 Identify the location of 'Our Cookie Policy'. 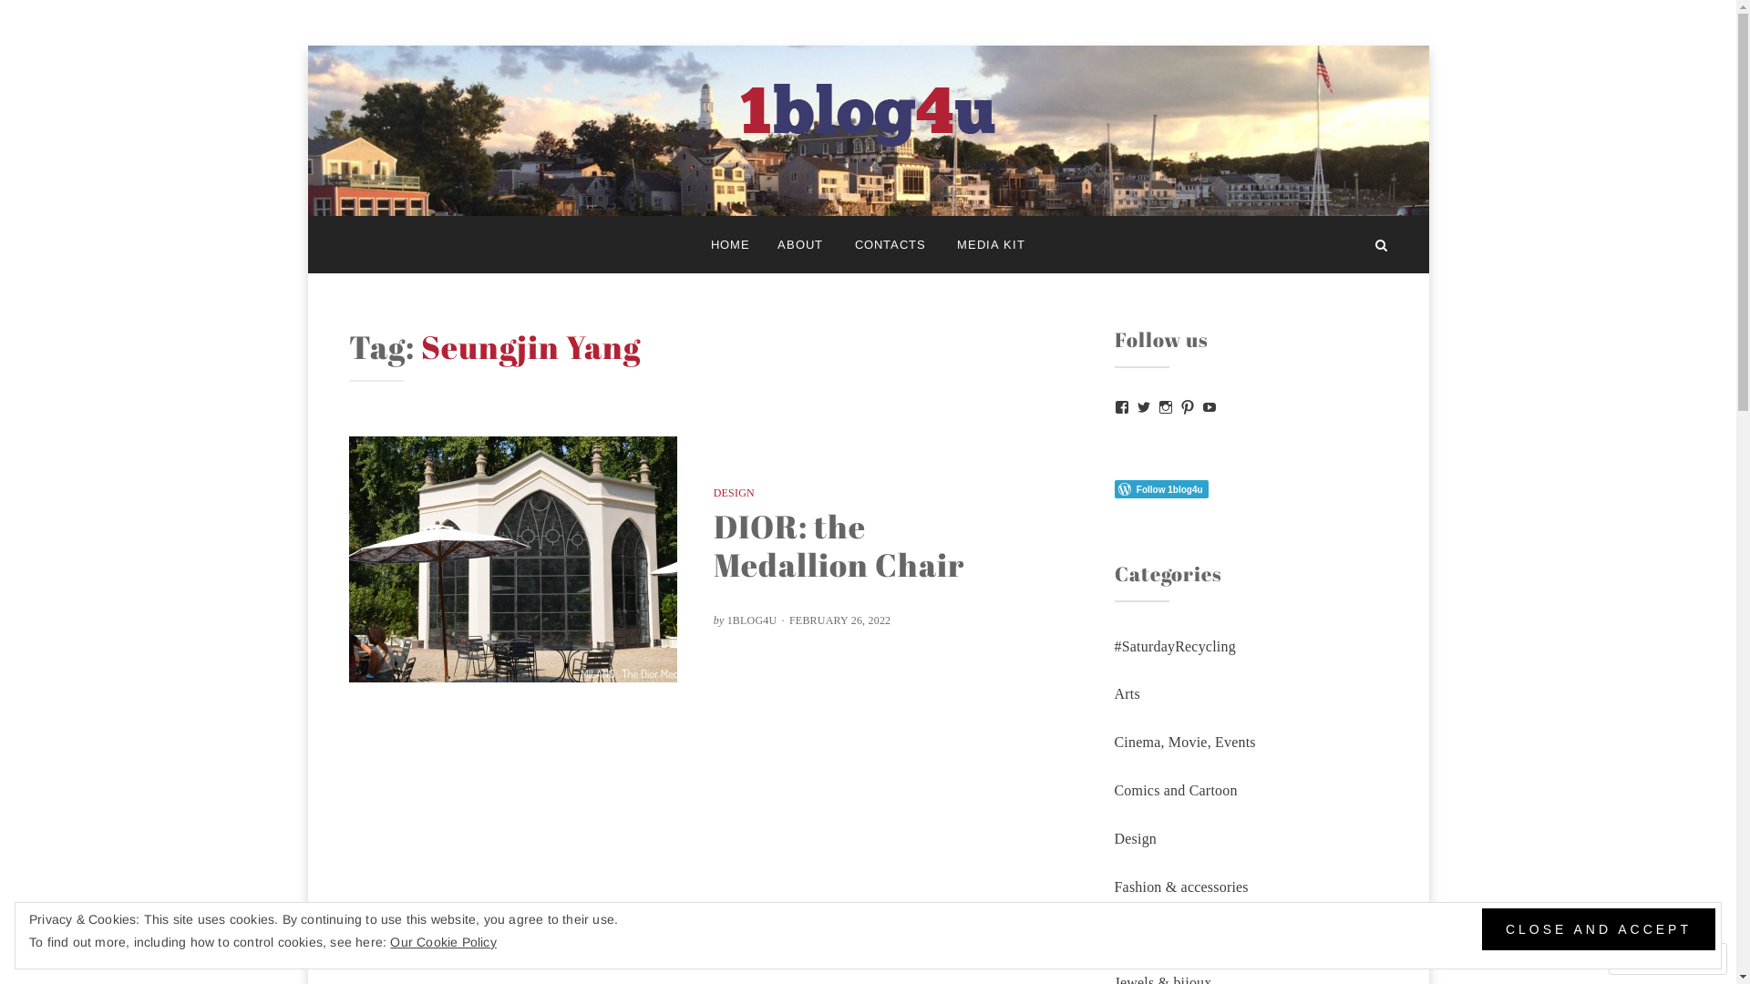
(442, 941).